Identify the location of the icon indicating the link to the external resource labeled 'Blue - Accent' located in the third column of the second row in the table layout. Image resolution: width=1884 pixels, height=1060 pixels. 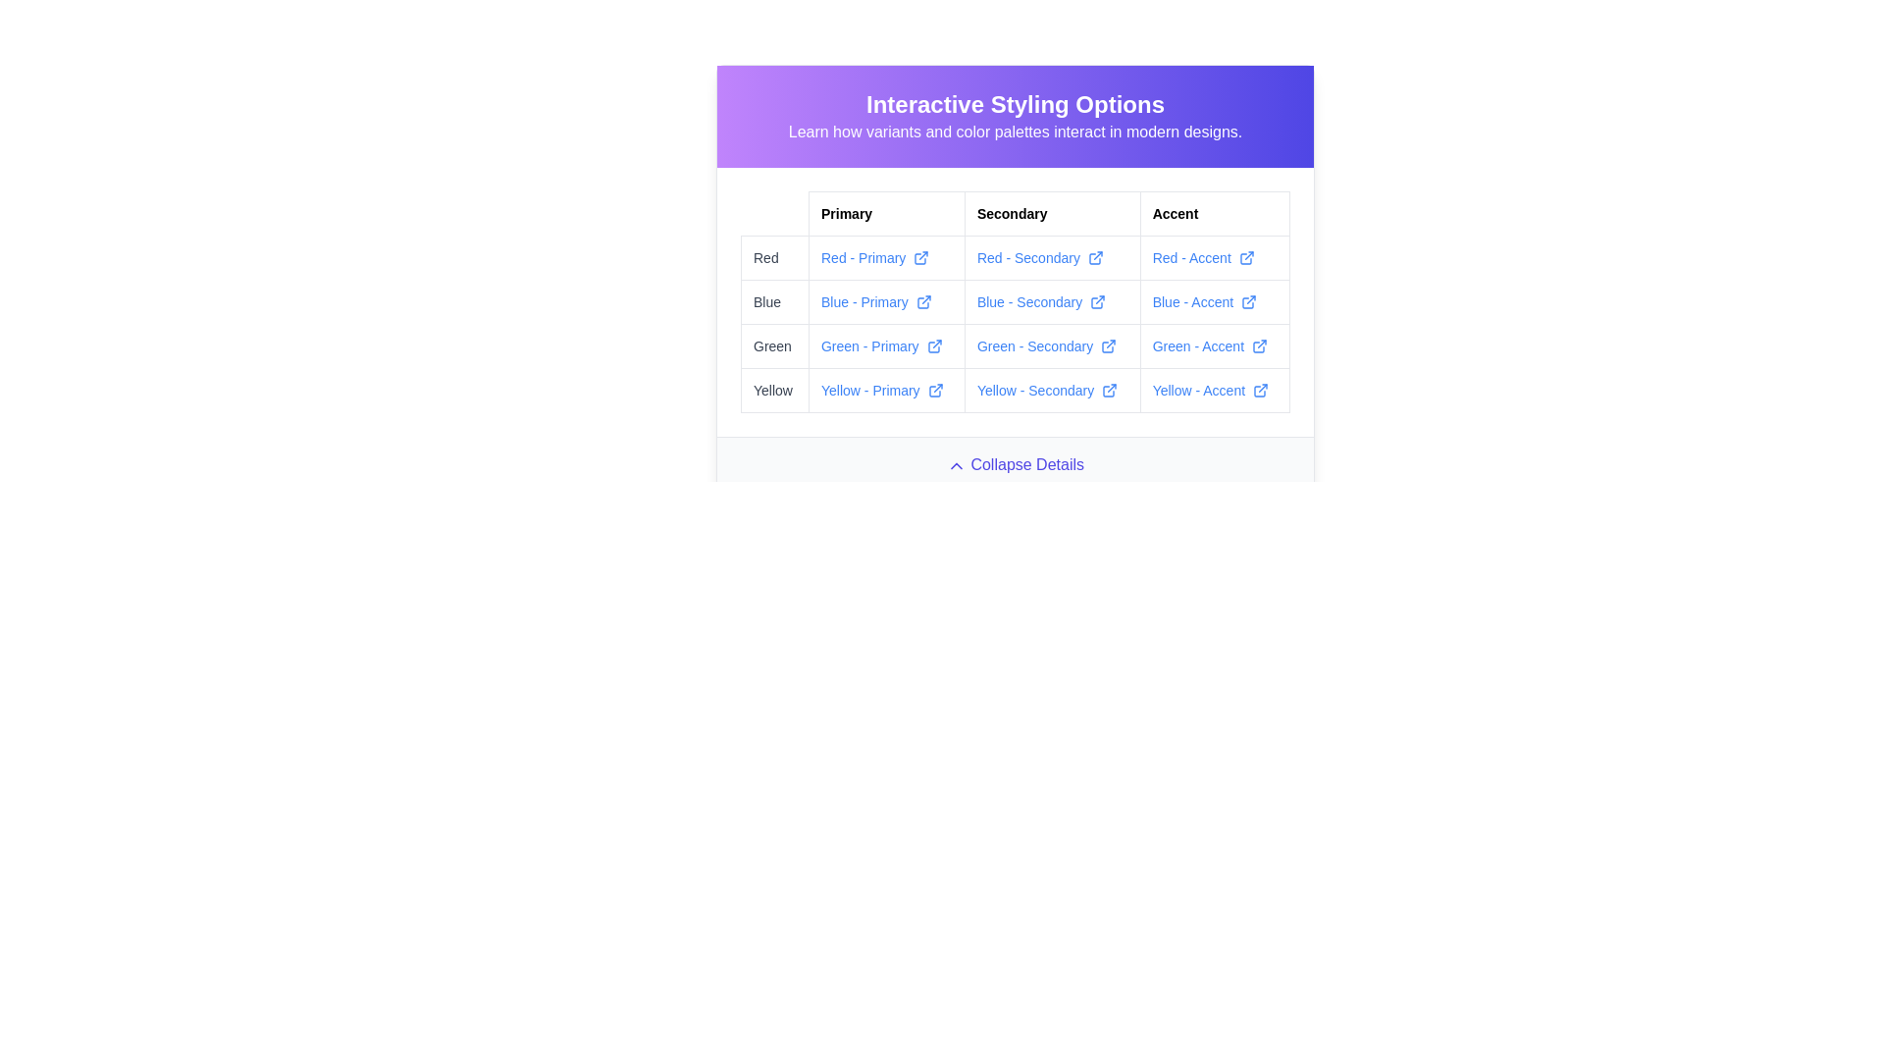
(1248, 302).